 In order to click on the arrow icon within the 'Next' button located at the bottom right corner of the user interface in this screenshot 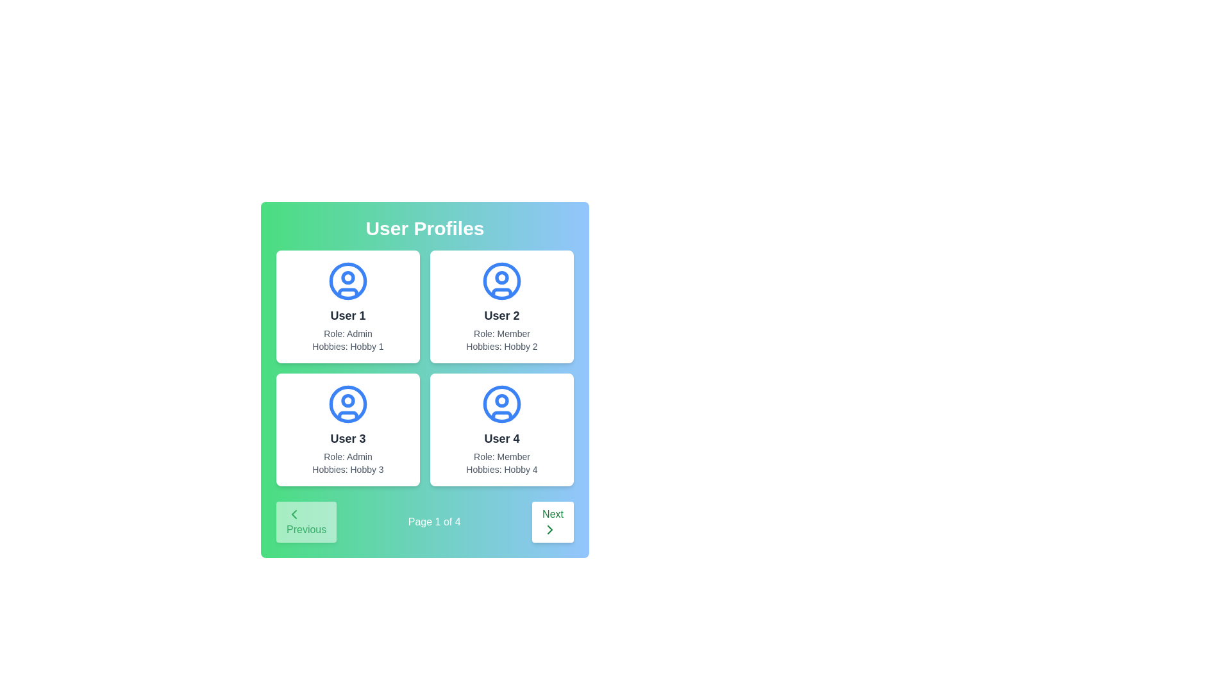, I will do `click(550, 529)`.